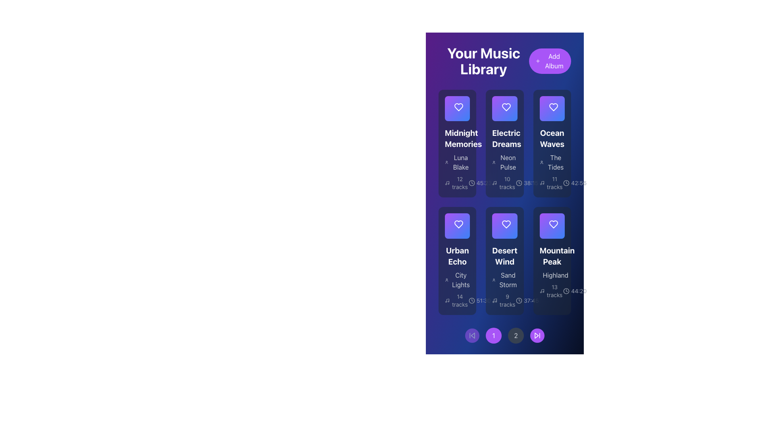 The width and height of the screenshot is (762, 429). Describe the element at coordinates (457, 279) in the screenshot. I see `the Text label that serves as a secondary title for the album, located under 'Urban Echo' and above the track information in the Urban Echo card` at that location.